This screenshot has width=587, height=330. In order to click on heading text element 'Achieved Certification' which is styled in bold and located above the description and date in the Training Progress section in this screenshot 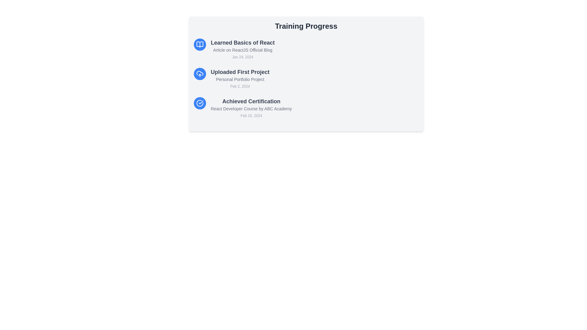, I will do `click(251, 101)`.